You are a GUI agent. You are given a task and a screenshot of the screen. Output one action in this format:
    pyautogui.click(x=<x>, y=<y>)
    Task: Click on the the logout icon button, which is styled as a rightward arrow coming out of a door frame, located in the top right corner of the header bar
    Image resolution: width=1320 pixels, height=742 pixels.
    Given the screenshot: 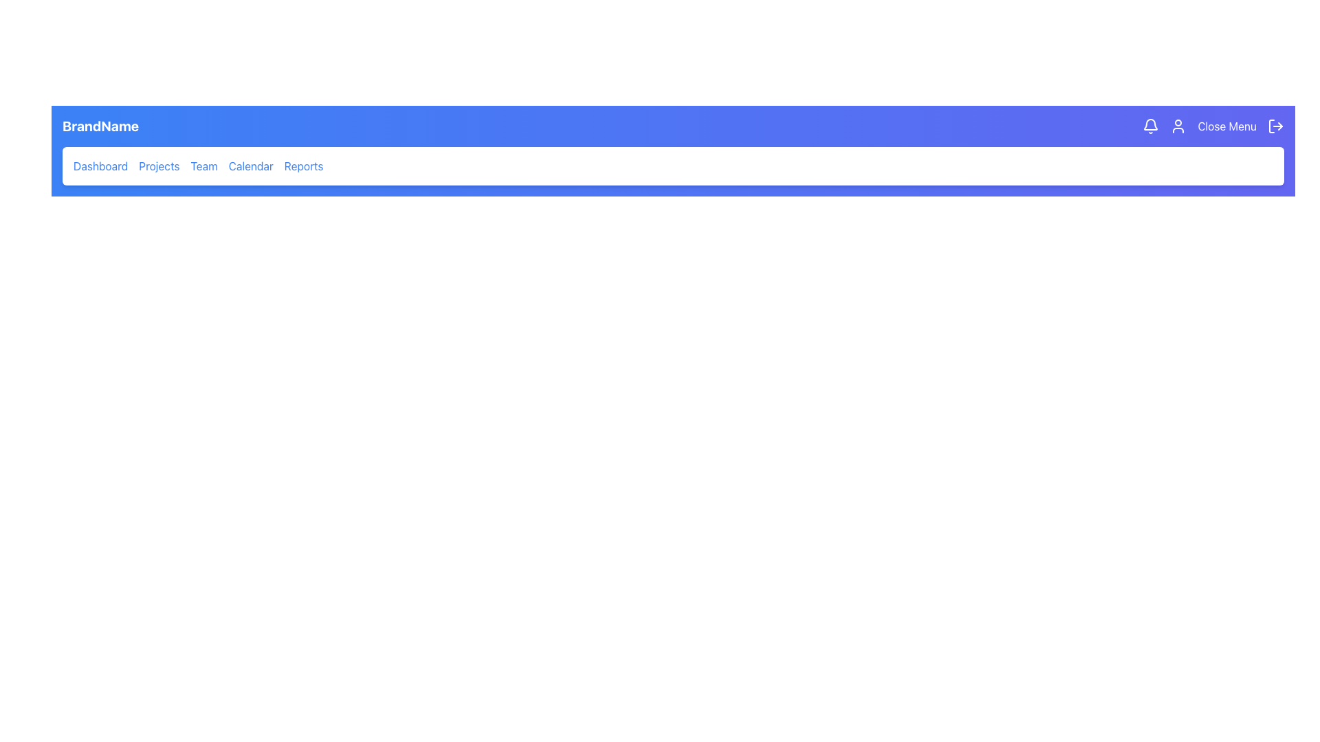 What is the action you would take?
    pyautogui.click(x=1275, y=126)
    